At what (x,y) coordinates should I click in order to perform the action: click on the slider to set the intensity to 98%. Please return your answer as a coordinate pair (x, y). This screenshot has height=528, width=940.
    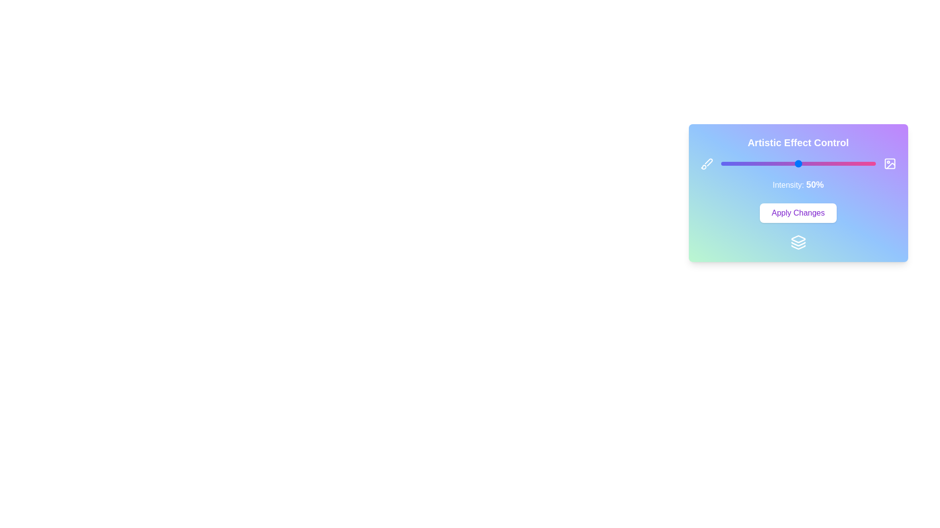
    Looking at the image, I should click on (872, 163).